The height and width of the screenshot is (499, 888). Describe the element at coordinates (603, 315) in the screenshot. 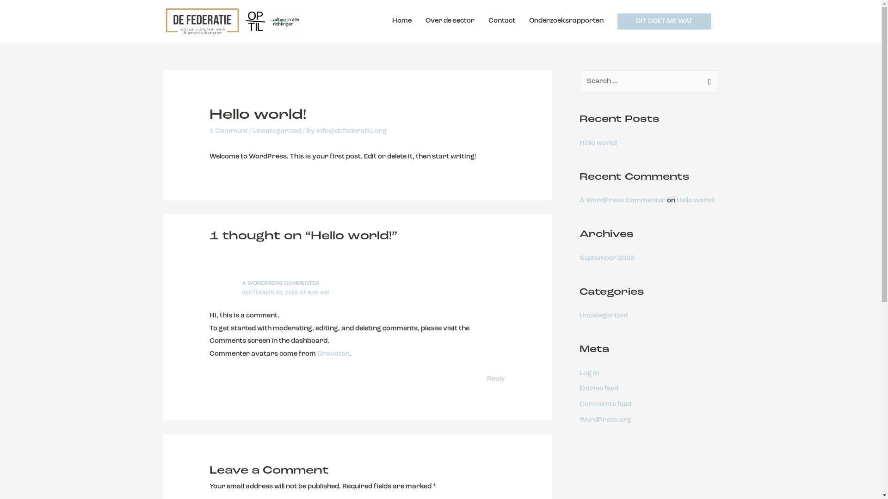

I see `'Uncategorized'` at that location.